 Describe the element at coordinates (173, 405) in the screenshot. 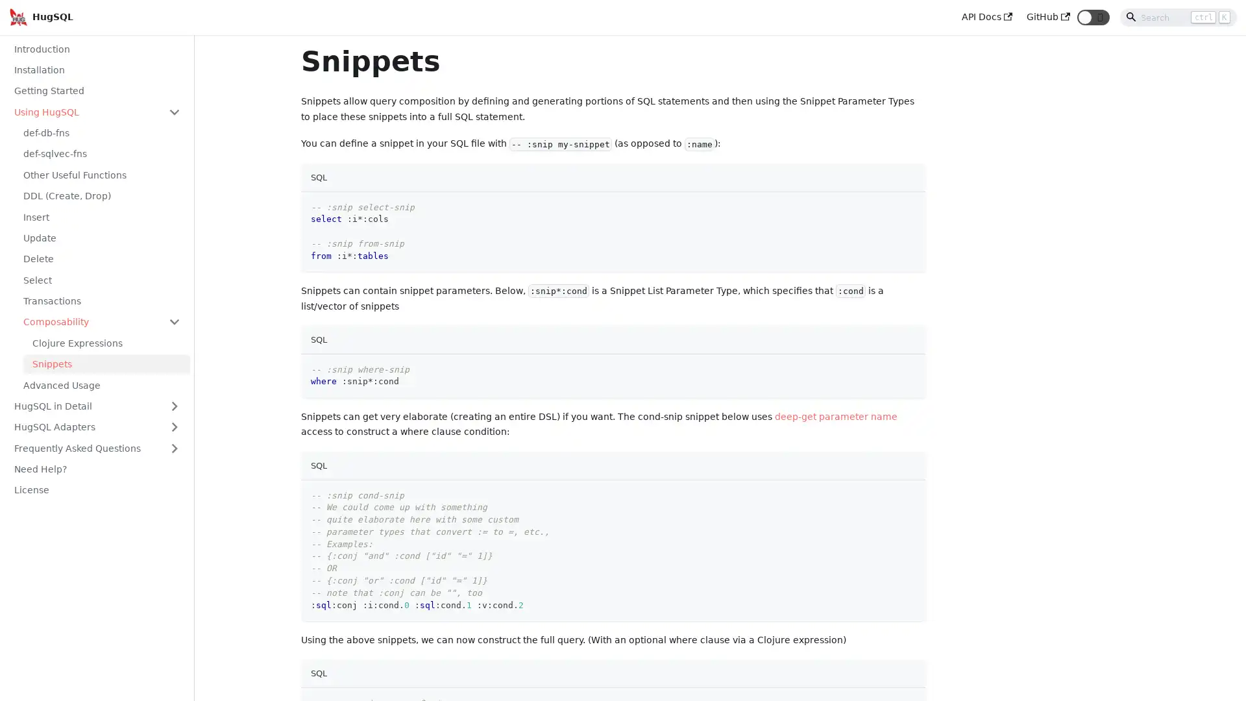

I see `Toggle the collapsible sidebar category 'HugSQL in Detail'` at that location.